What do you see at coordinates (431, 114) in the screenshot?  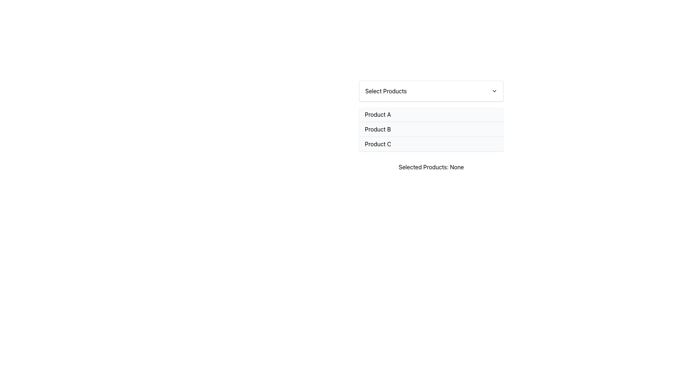 I see `the first list item labeled 'Product A' in the dropdown menu` at bounding box center [431, 114].